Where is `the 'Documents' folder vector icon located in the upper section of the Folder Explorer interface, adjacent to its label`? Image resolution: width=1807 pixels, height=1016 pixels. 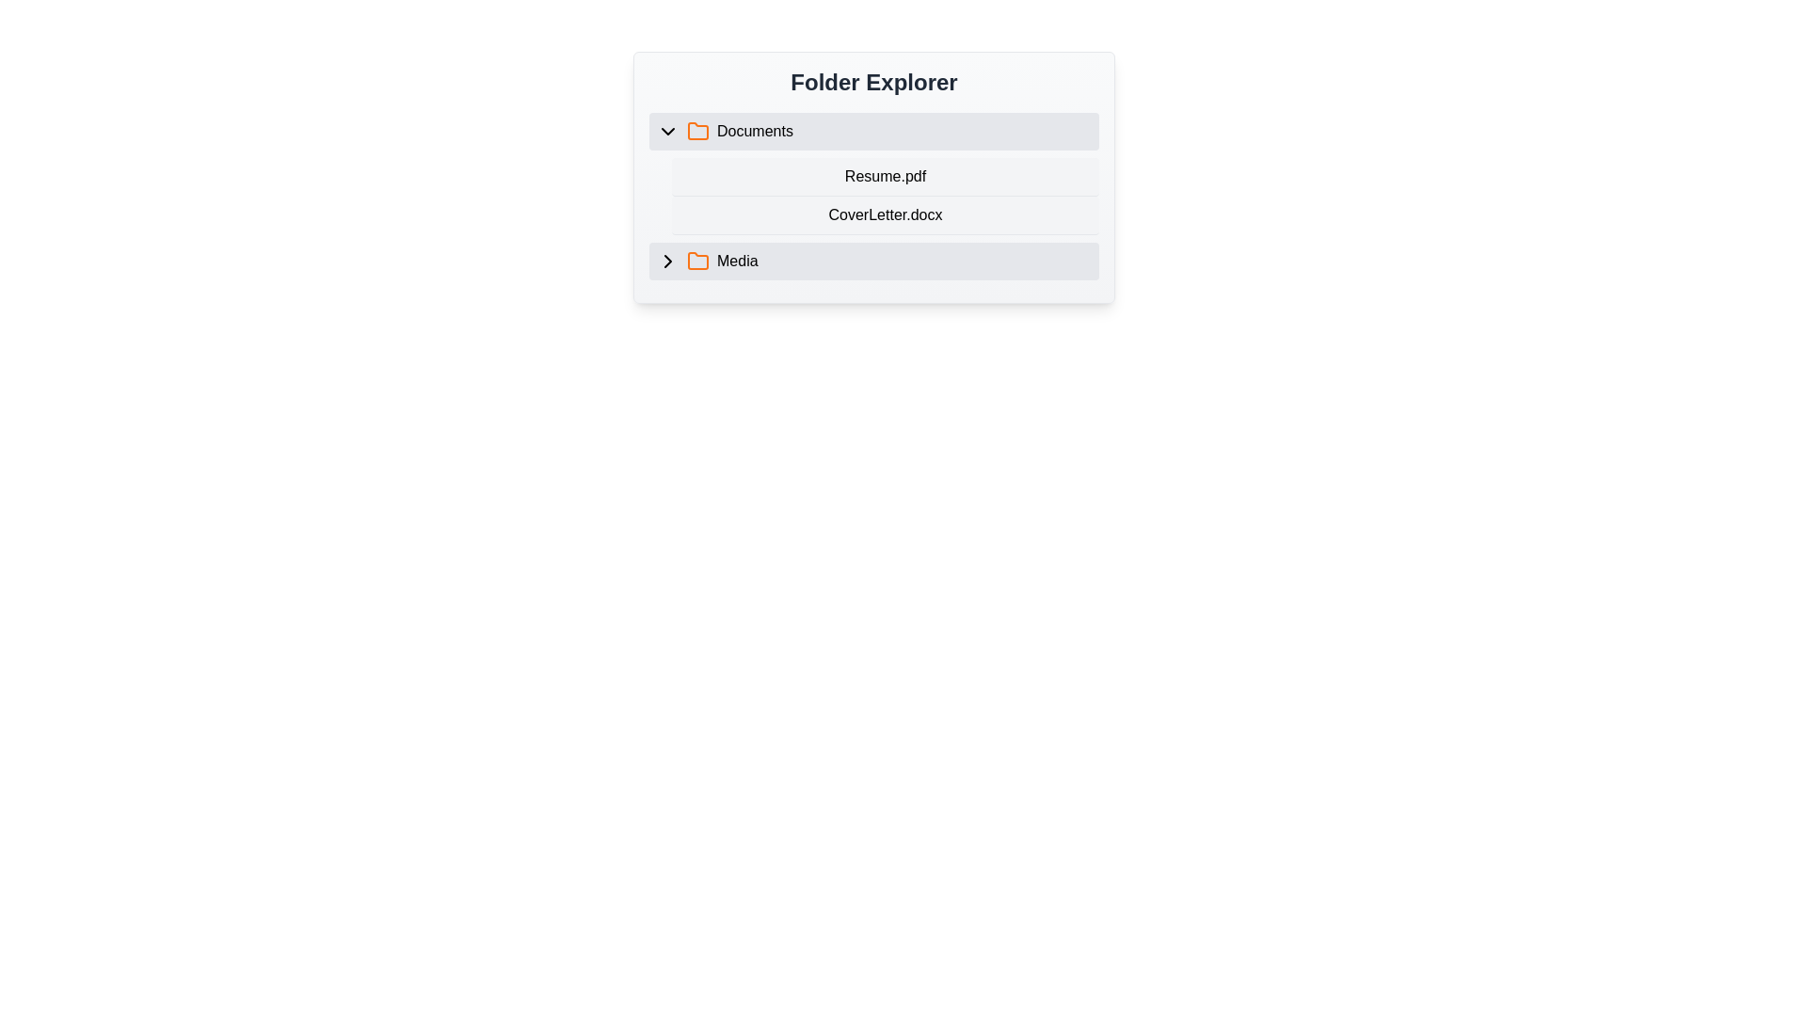 the 'Documents' folder vector icon located in the upper section of the Folder Explorer interface, adjacent to its label is located at coordinates (697, 130).